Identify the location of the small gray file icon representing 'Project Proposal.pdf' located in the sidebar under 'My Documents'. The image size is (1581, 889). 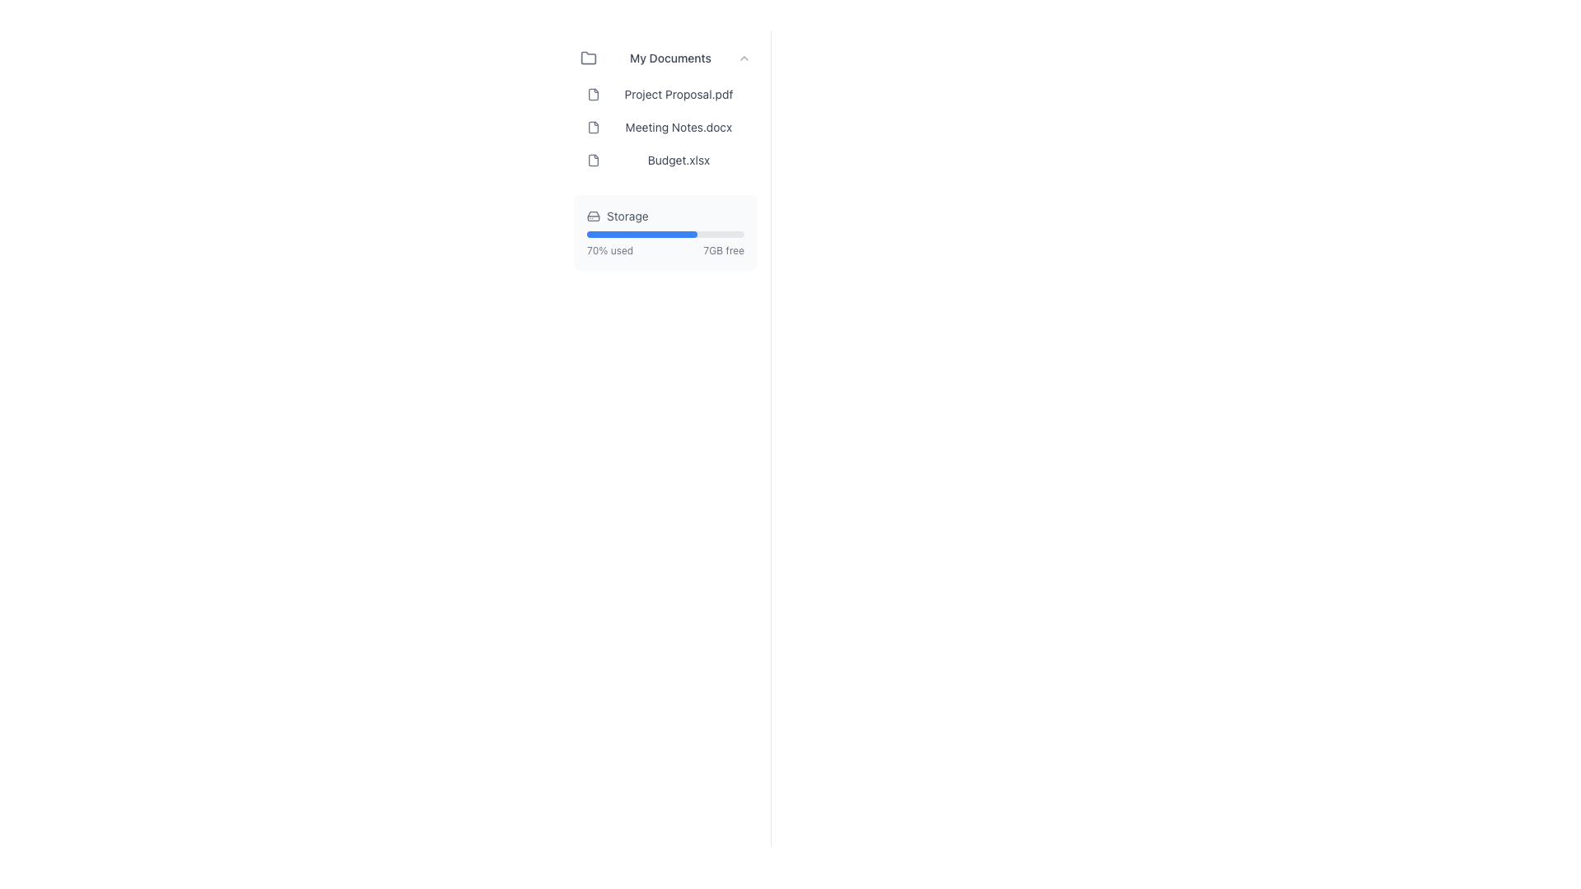
(593, 95).